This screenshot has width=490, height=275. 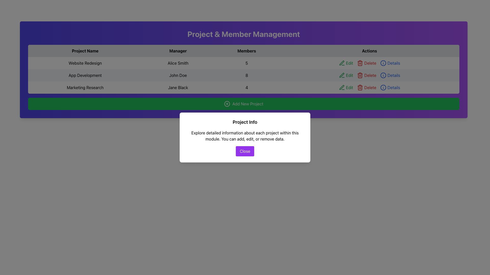 I want to click on text displayed in the second entry of the 'Project Name' column, aligned with 'John Doe' in the 'Manager' column and '8' in the 'Members' column, so click(x=85, y=75).